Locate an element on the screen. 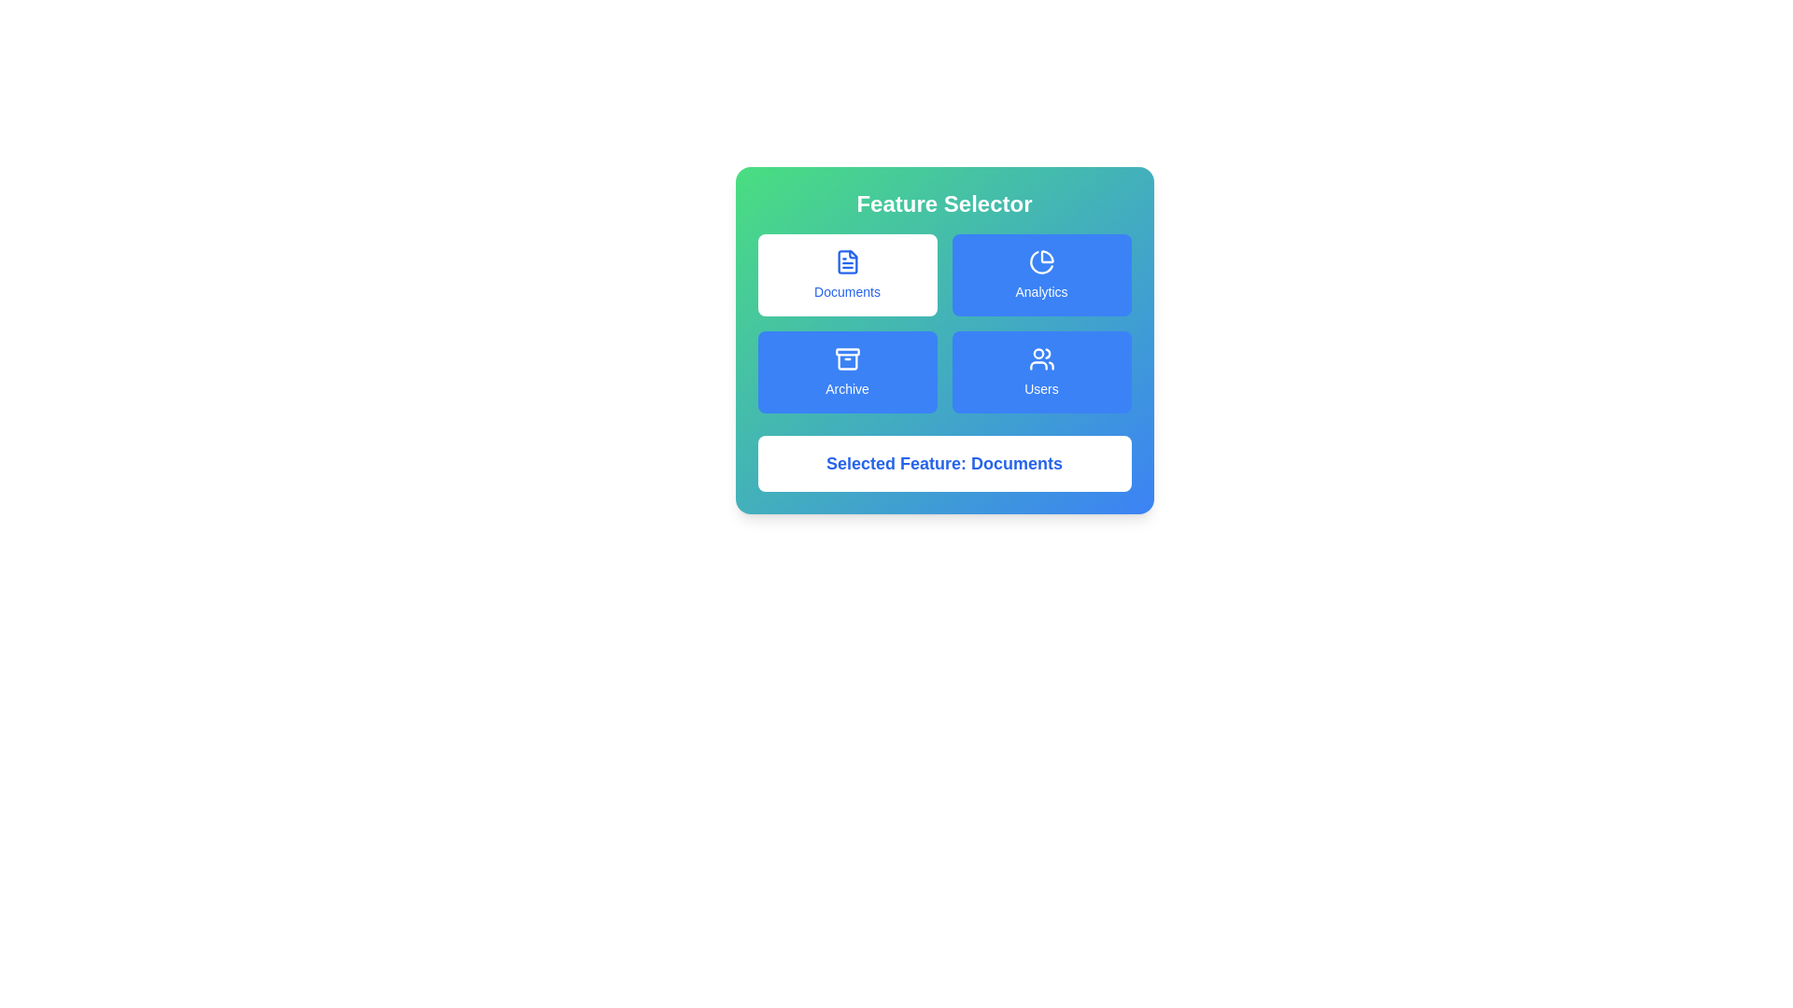 Image resolution: width=1793 pixels, height=1008 pixels. the archive icon, which is a box with a lid inside a blue button, located in the second row and first column of the grid, above the label 'Archive' is located at coordinates (846, 359).